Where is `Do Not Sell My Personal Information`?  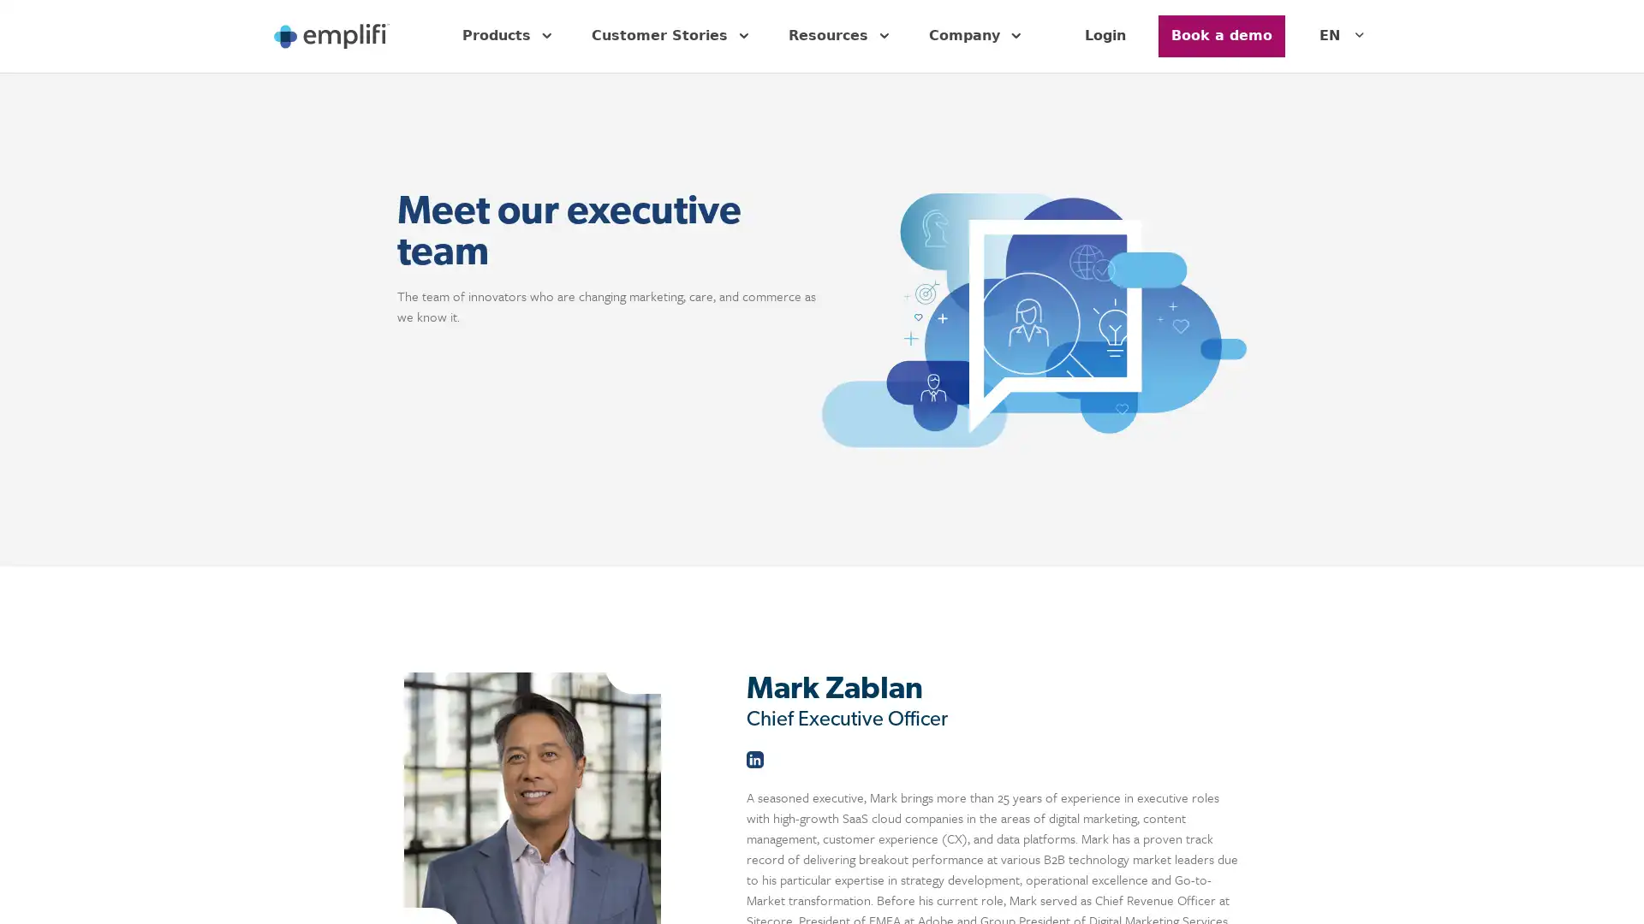 Do Not Sell My Personal Information is located at coordinates (1199, 886).